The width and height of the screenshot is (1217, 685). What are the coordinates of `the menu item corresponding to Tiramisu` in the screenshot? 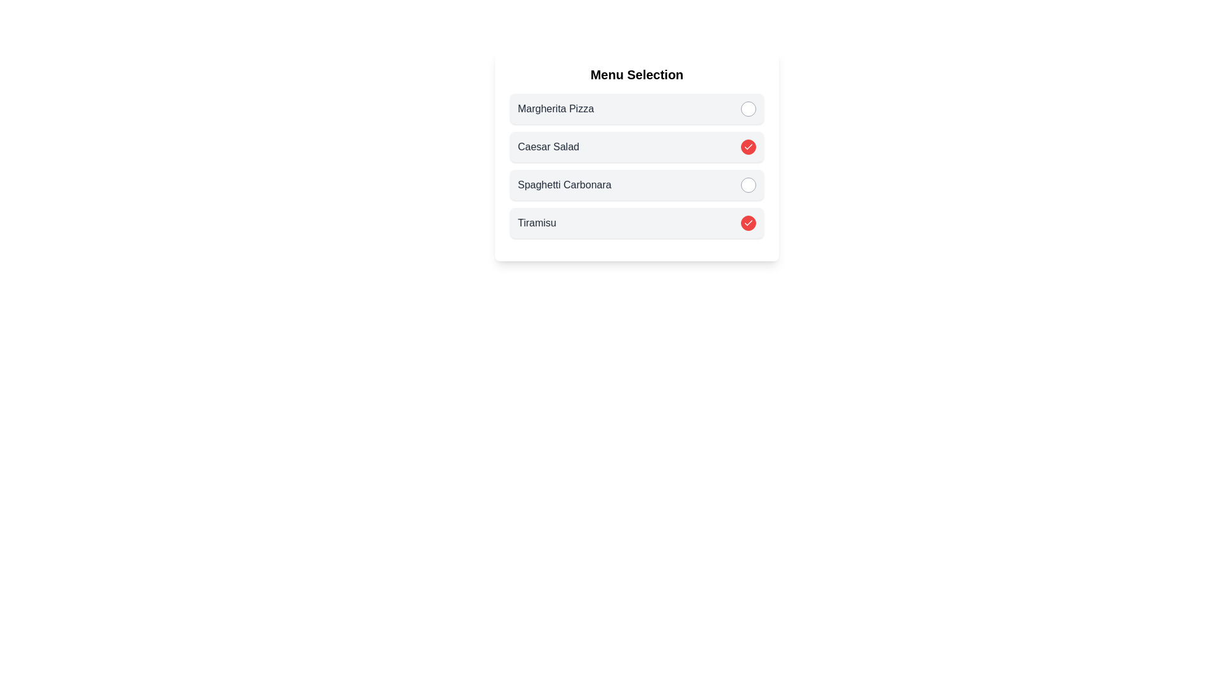 It's located at (748, 222).